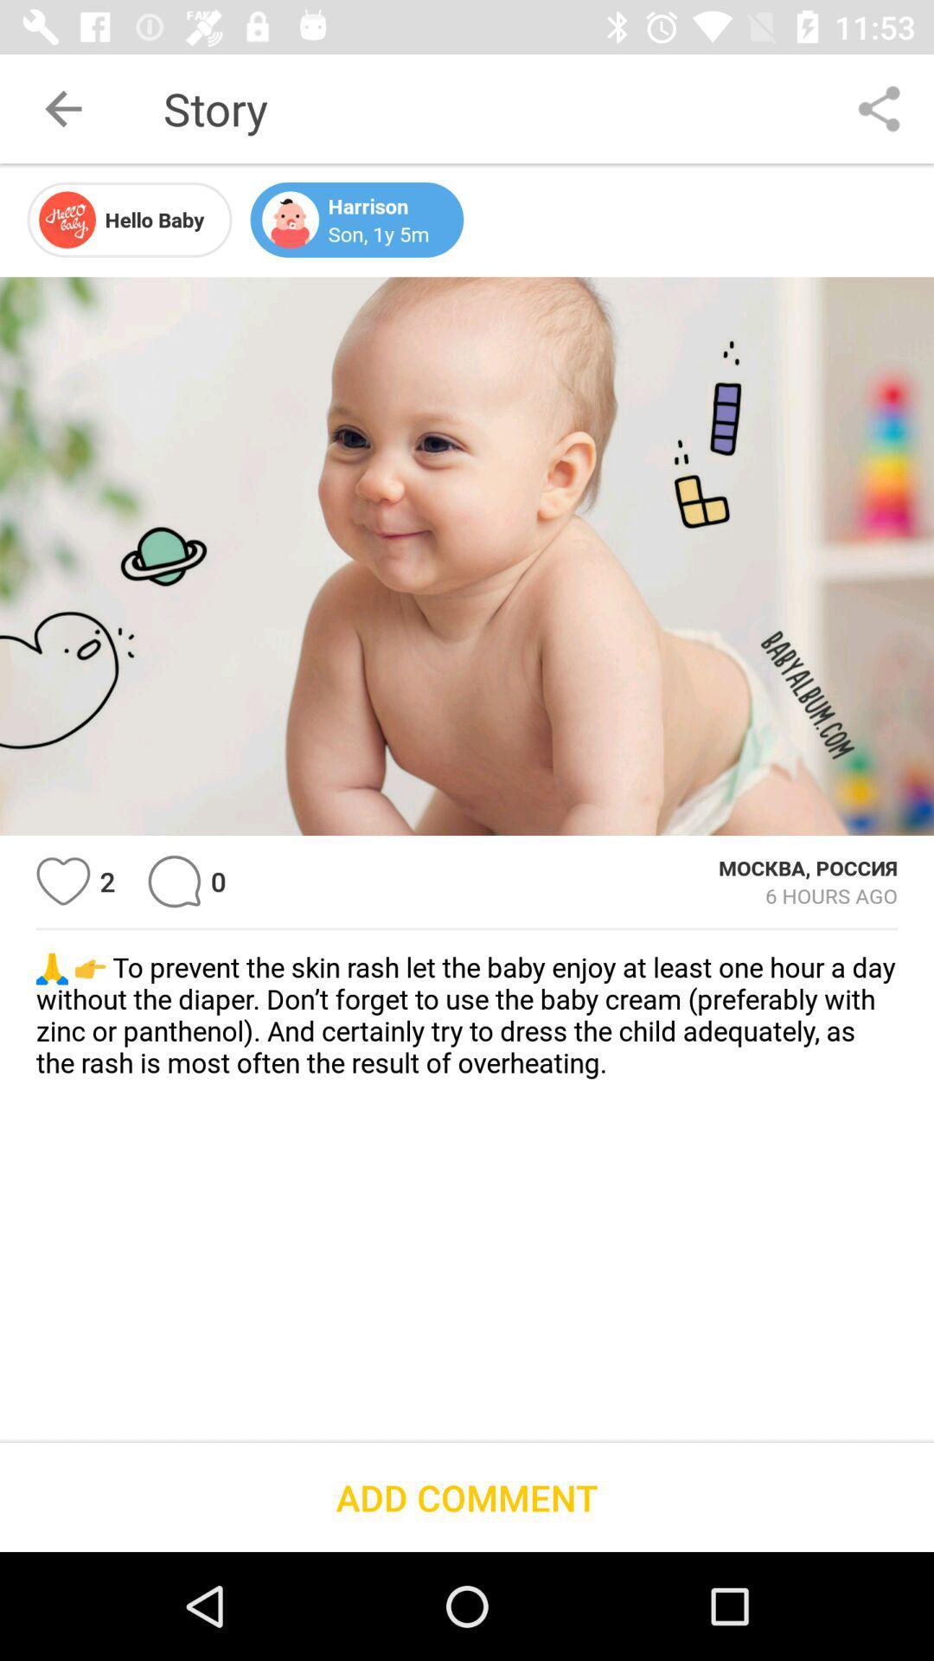 Image resolution: width=934 pixels, height=1661 pixels. What do you see at coordinates (467, 556) in the screenshot?
I see `your baby photo` at bounding box center [467, 556].